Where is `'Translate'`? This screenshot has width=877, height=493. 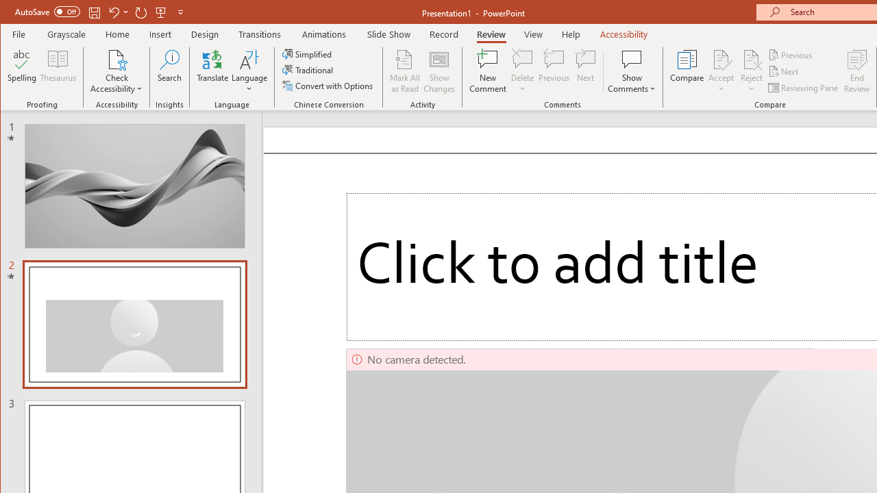
'Translate' is located at coordinates (212, 71).